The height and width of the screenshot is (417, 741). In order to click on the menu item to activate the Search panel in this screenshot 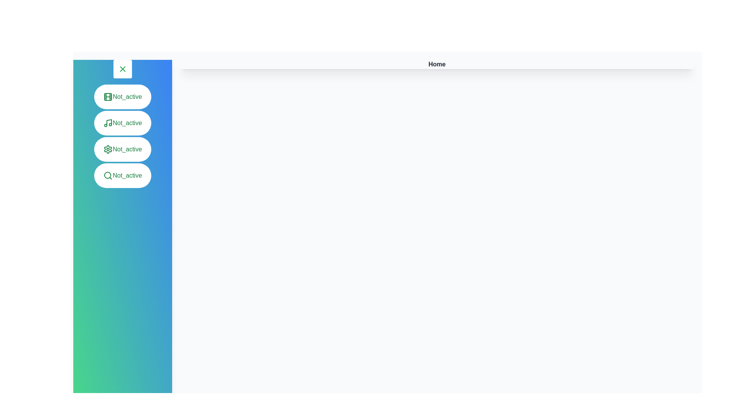, I will do `click(122, 176)`.